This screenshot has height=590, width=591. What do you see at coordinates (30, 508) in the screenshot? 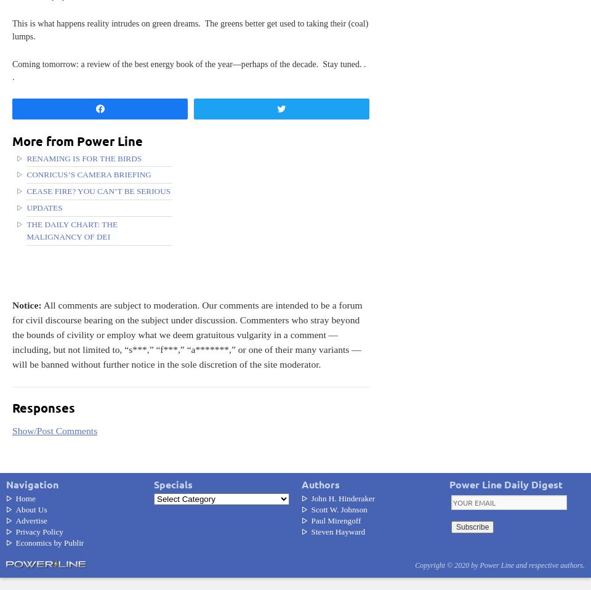
I see `'About Us'` at bounding box center [30, 508].